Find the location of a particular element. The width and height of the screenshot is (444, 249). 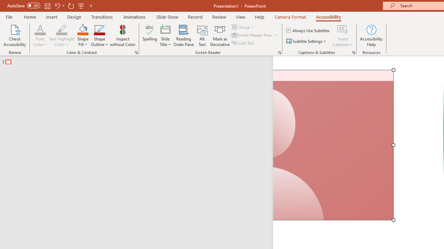

'Camera 7, No camera detected.' is located at coordinates (333, 145).